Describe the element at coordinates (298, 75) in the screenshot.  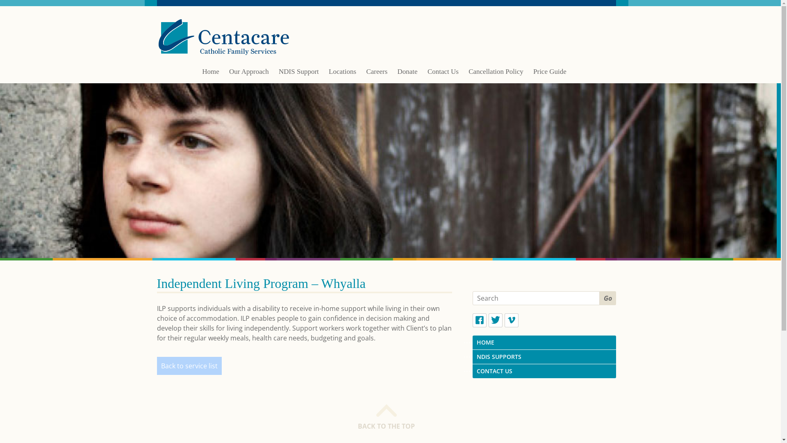
I see `'NDIS Support'` at that location.